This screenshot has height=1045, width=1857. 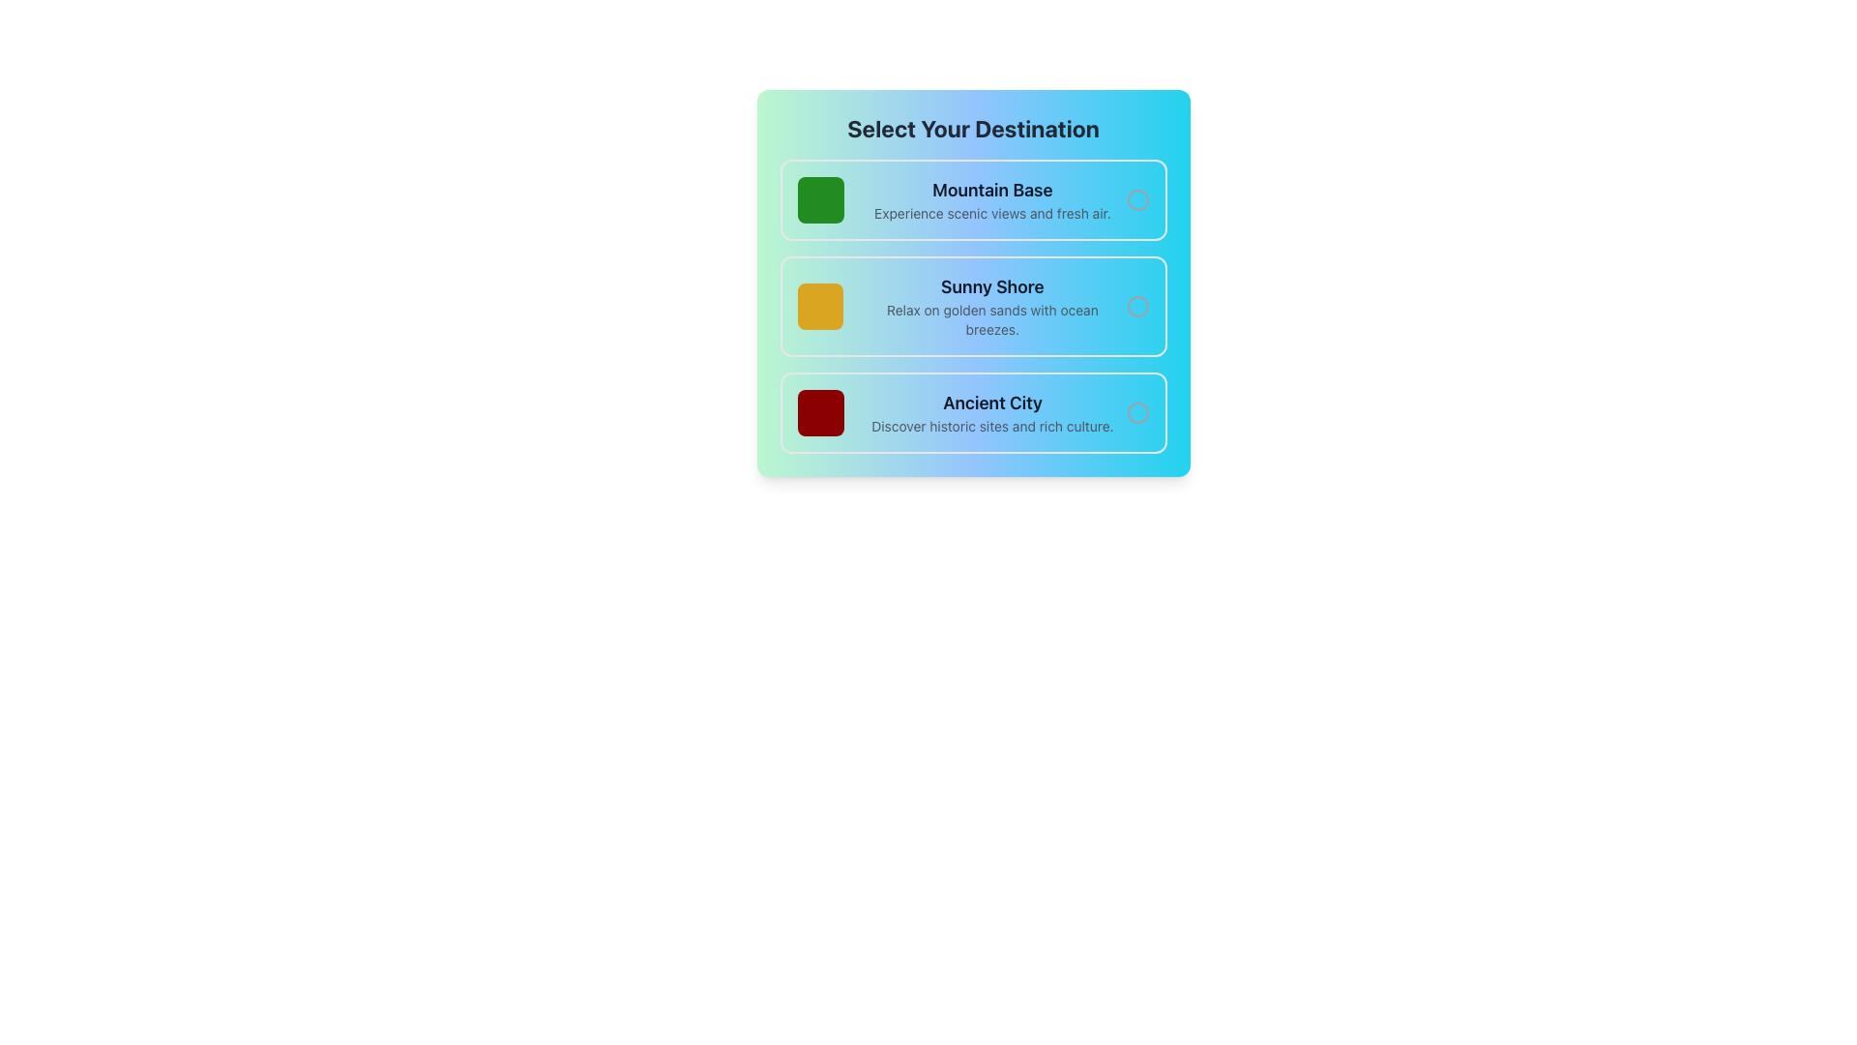 I want to click on the text label displaying 'Sunny Shore', which is centrally positioned above the description text in the second group of items, so click(x=992, y=287).